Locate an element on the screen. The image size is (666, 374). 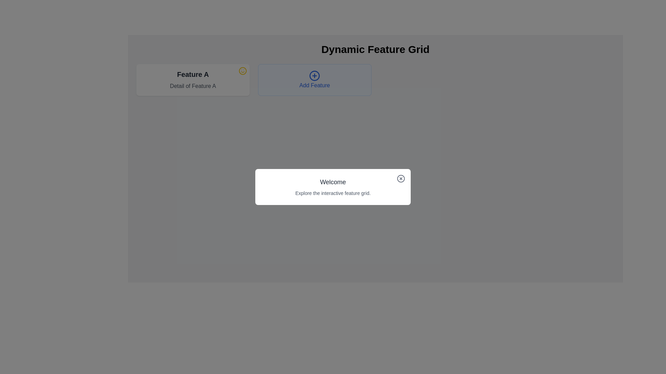
the blue rounded rectangular button labeled 'Add Feature' to observe its subtle hover effect is located at coordinates (314, 80).